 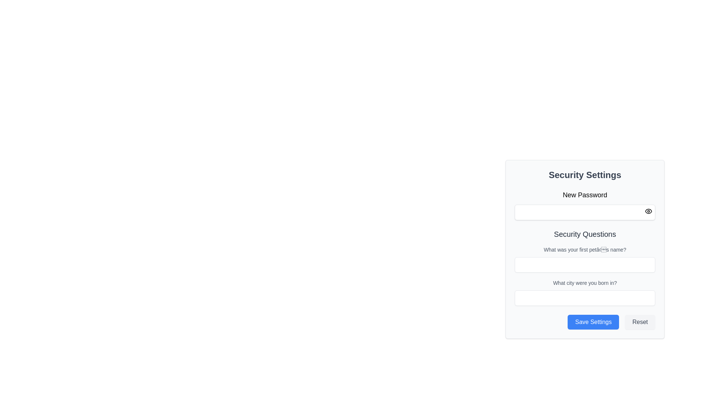 I want to click on the circular button with an eye icon located in the upper-right corner of the 'New Password' input field, so click(x=648, y=211).